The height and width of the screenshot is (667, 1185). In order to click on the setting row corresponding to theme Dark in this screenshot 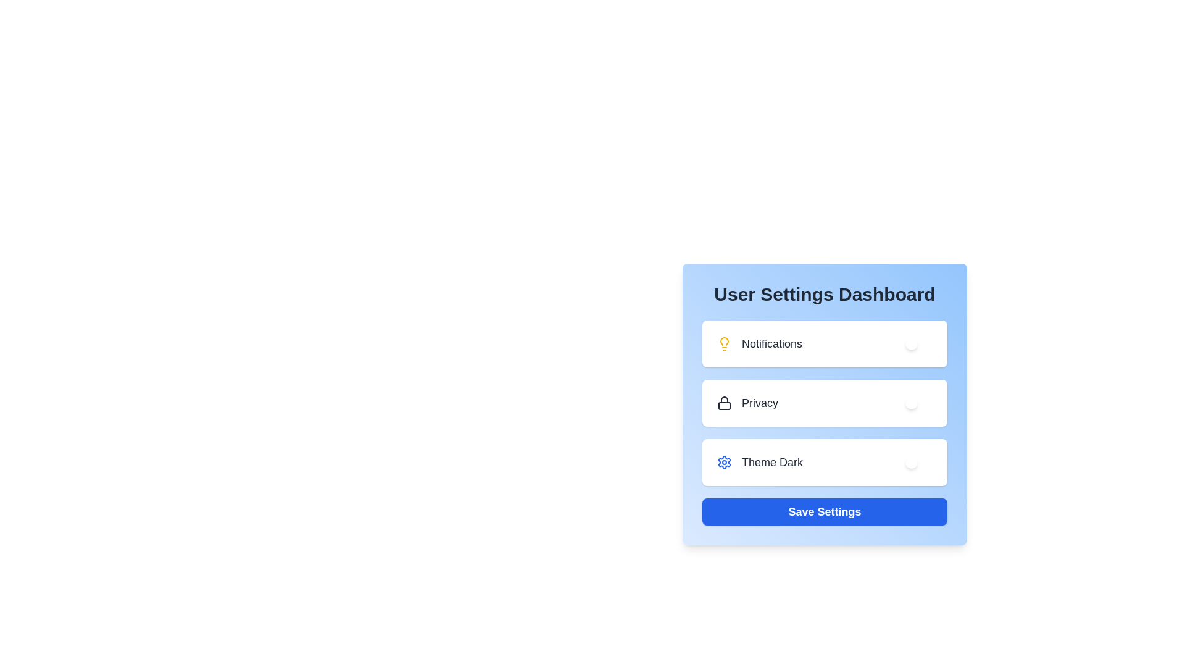, I will do `click(825, 462)`.